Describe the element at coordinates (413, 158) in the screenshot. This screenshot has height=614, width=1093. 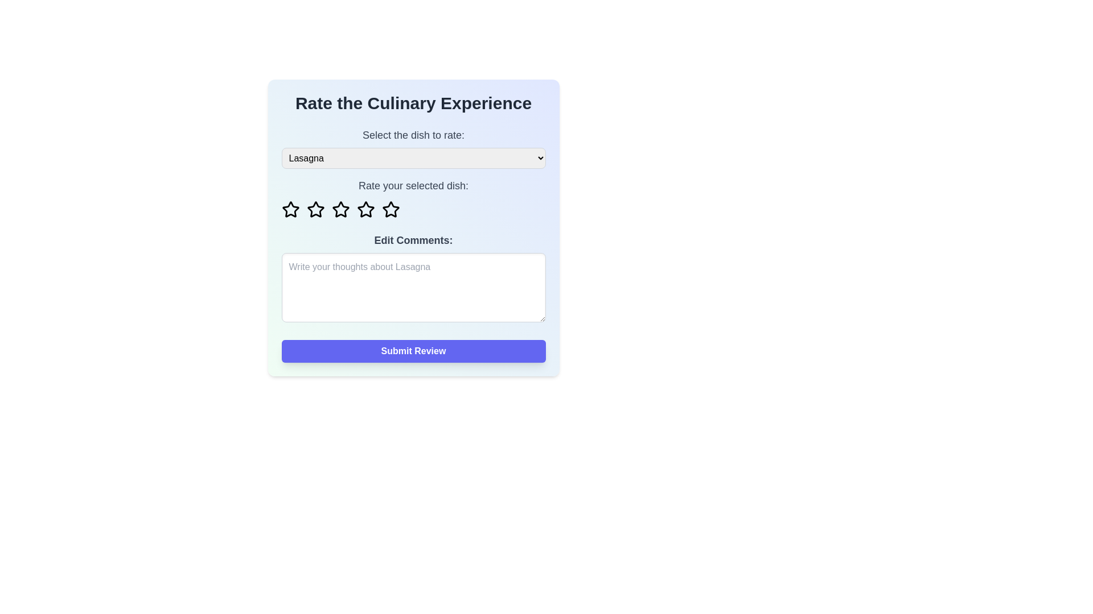
I see `an option from the dropdown menu located below the heading 'Select the dish to rate:' and above the rating stars section` at that location.